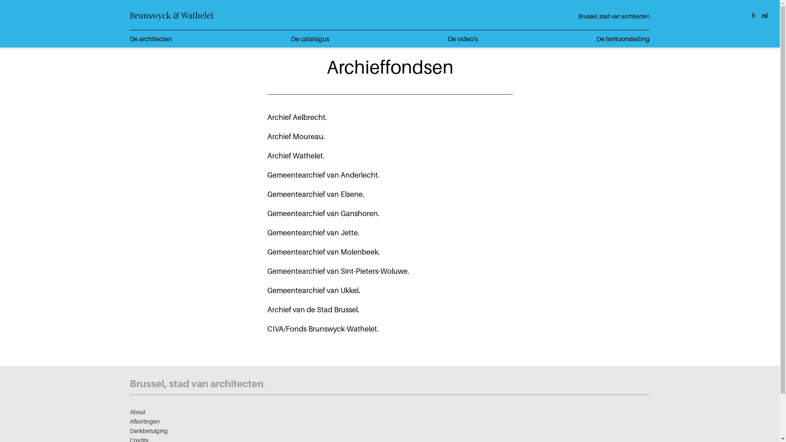 This screenshot has height=442, width=786. Describe the element at coordinates (129, 39) in the screenshot. I see `'De architecten'` at that location.